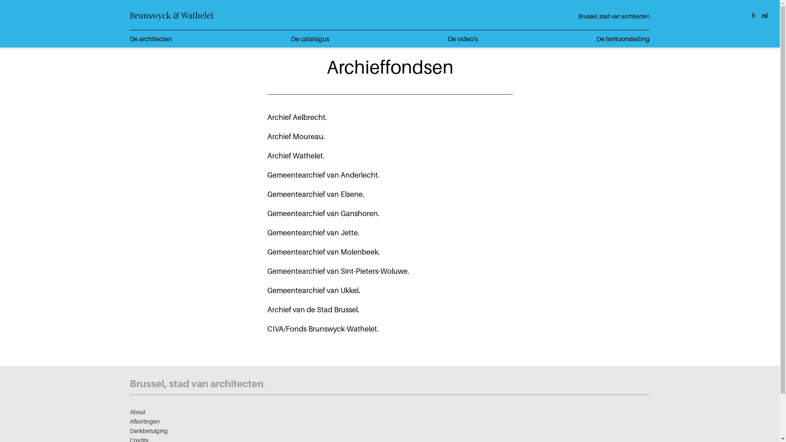 This screenshot has height=442, width=786. Describe the element at coordinates (129, 39) in the screenshot. I see `'De architecten'` at that location.